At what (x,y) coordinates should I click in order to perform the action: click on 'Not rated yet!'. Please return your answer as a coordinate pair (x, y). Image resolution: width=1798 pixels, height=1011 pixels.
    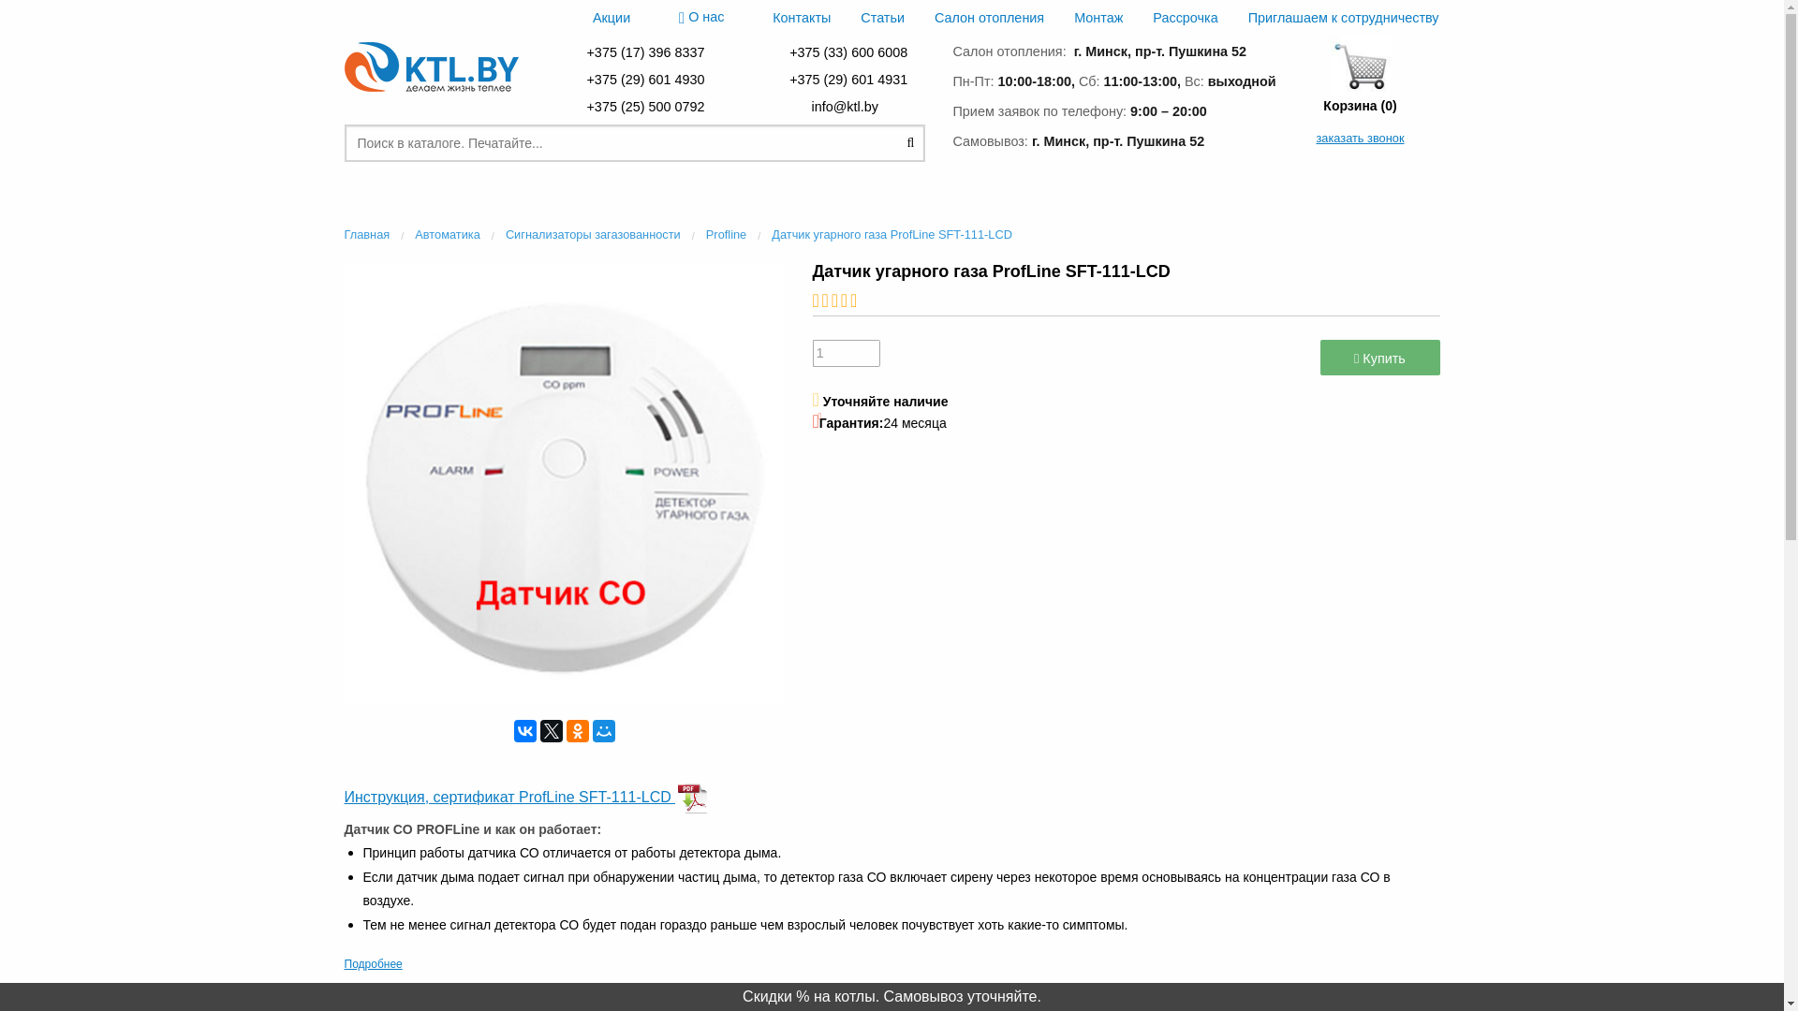
    Looking at the image, I should click on (839, 299).